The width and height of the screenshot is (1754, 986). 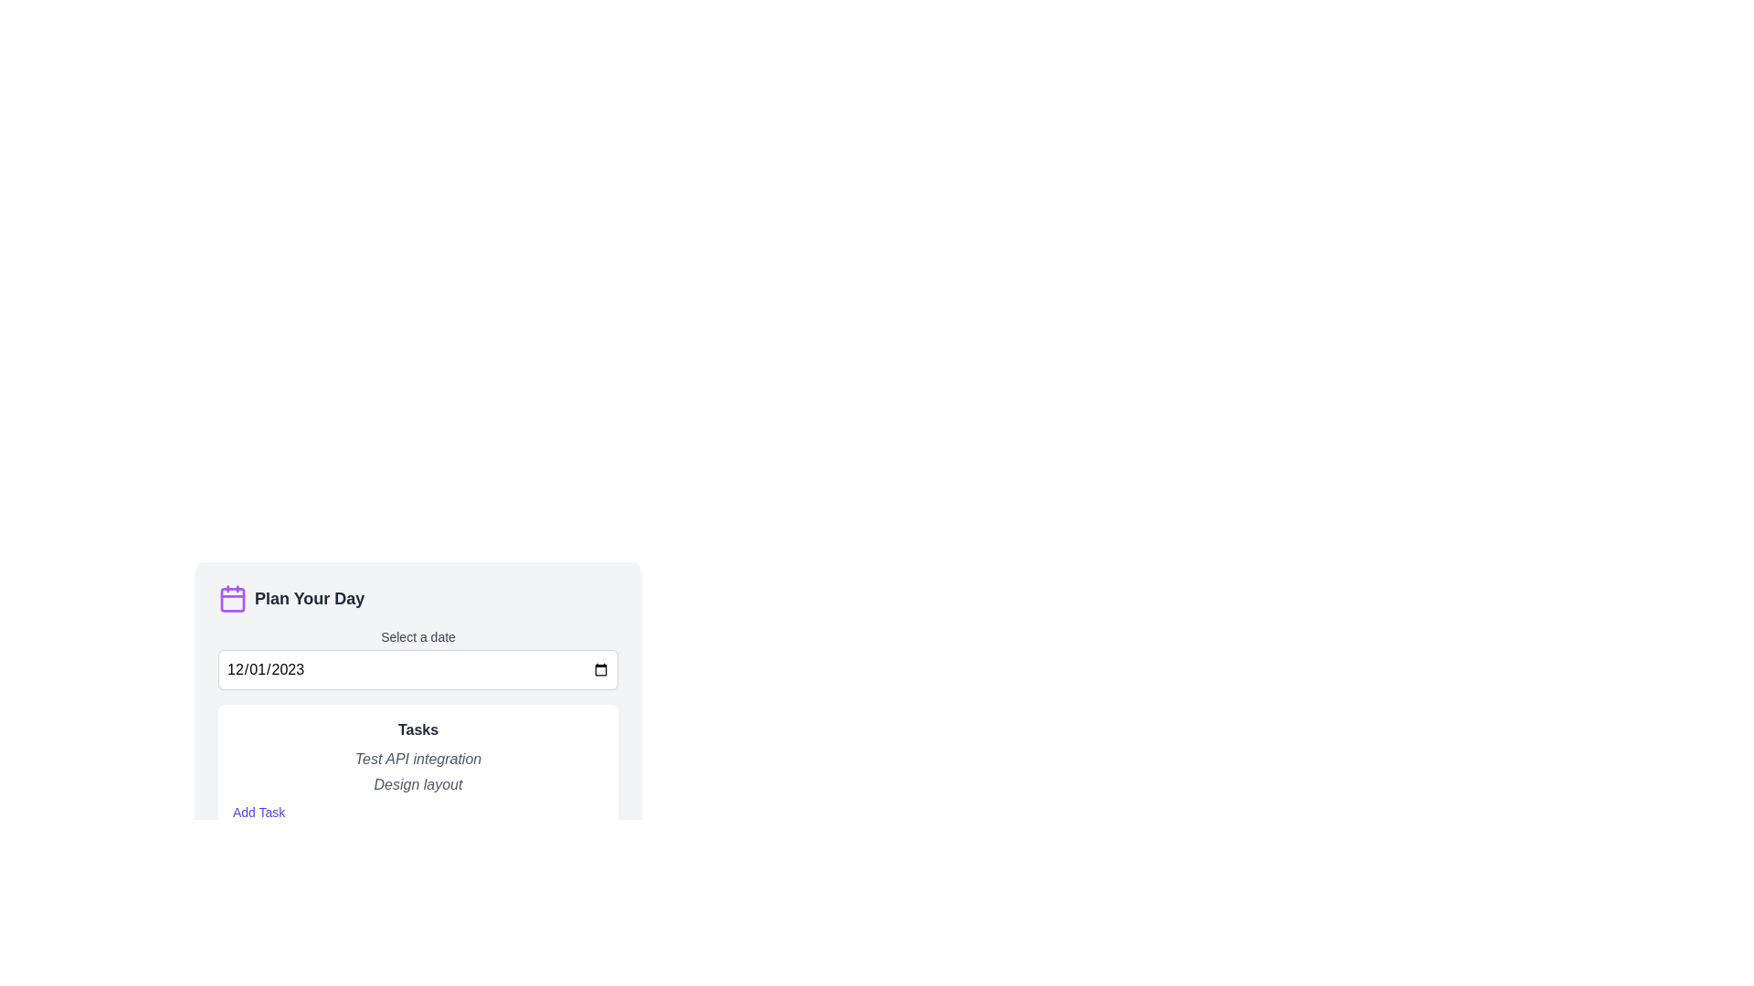 What do you see at coordinates (417, 679) in the screenshot?
I see `the date input field in the 'Plan Your Day' planner interface to select a date` at bounding box center [417, 679].